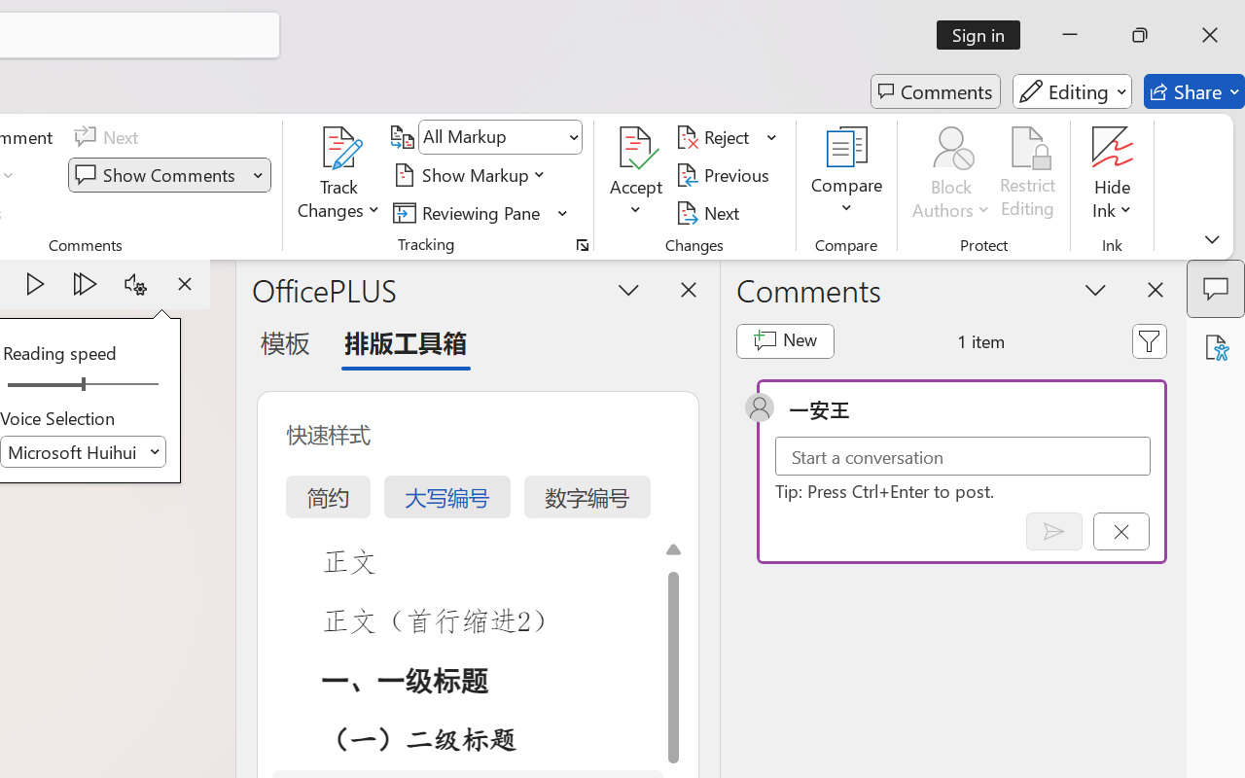 This screenshot has height=778, width=1245. What do you see at coordinates (82, 384) in the screenshot?
I see `'Reading speed'` at bounding box center [82, 384].